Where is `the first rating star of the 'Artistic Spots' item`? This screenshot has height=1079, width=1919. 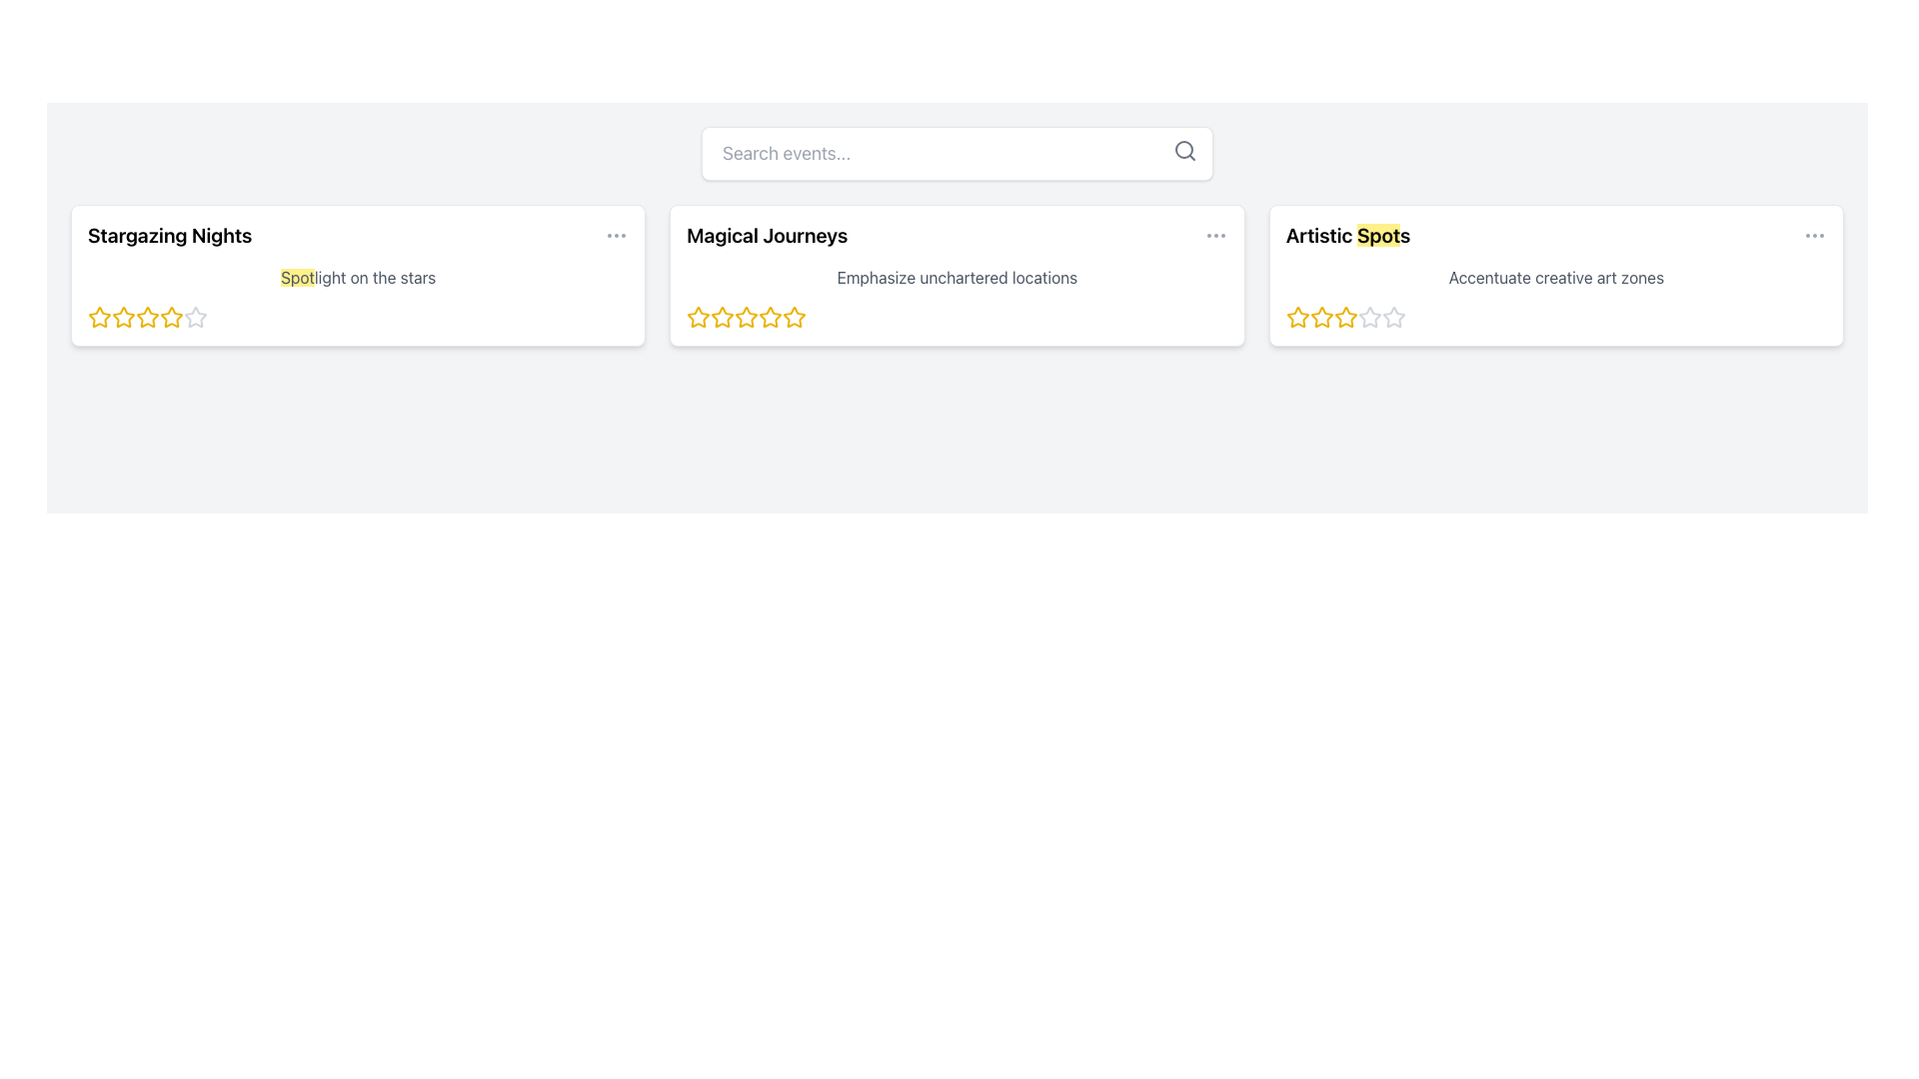
the first rating star of the 'Artistic Spots' item is located at coordinates (1297, 316).